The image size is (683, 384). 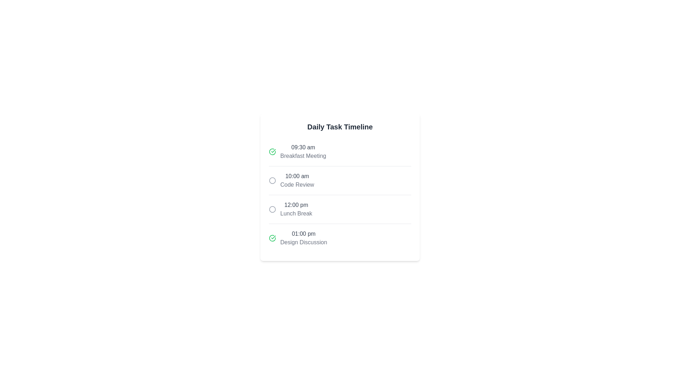 What do you see at coordinates (339, 238) in the screenshot?
I see `the fourth timeline entry showing 'Design Discussion' scheduled for '01:00 pm'` at bounding box center [339, 238].